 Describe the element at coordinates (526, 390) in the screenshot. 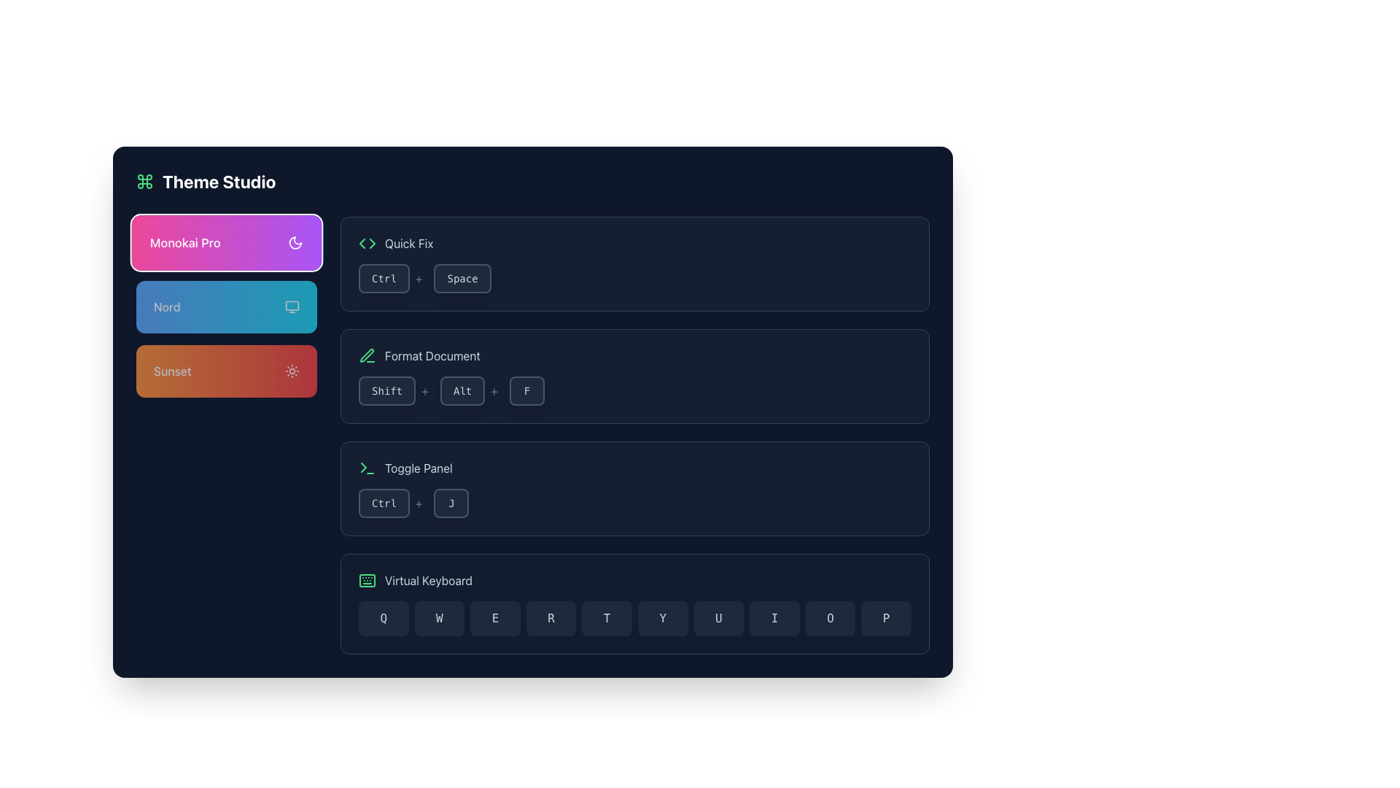

I see `the 'F' key button in the 'Format Document' section` at that location.